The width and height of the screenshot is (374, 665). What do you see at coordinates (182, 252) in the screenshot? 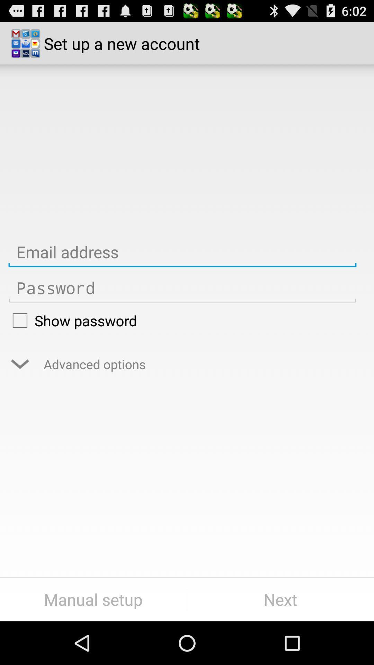
I see `email` at bounding box center [182, 252].